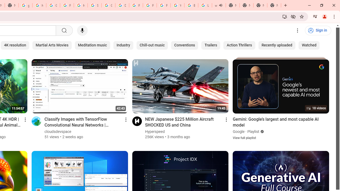 The height and width of the screenshot is (191, 340). I want to click on 'Verified', so click(261, 131).